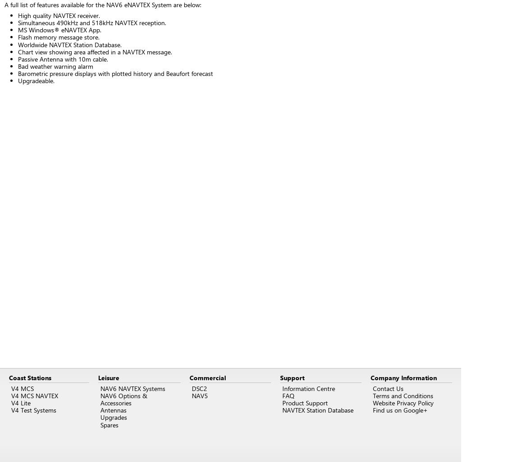  What do you see at coordinates (18, 73) in the screenshot?
I see `'Barometric pressure displays with plotted history and Beaufort forecast'` at bounding box center [18, 73].